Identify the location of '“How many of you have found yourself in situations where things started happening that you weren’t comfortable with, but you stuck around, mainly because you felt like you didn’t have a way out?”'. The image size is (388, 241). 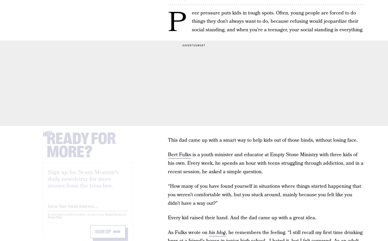
(264, 194).